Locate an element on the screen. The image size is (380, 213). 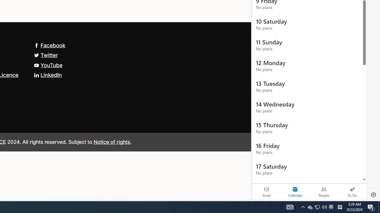
'LinkedIn' is located at coordinates (48, 75).